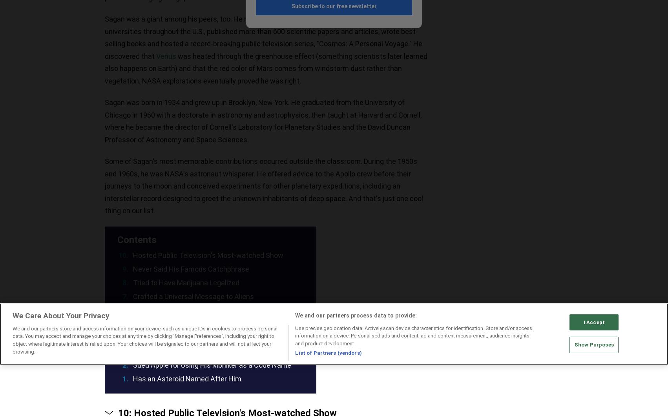  Describe the element at coordinates (117, 239) in the screenshot. I see `'Contents'` at that location.